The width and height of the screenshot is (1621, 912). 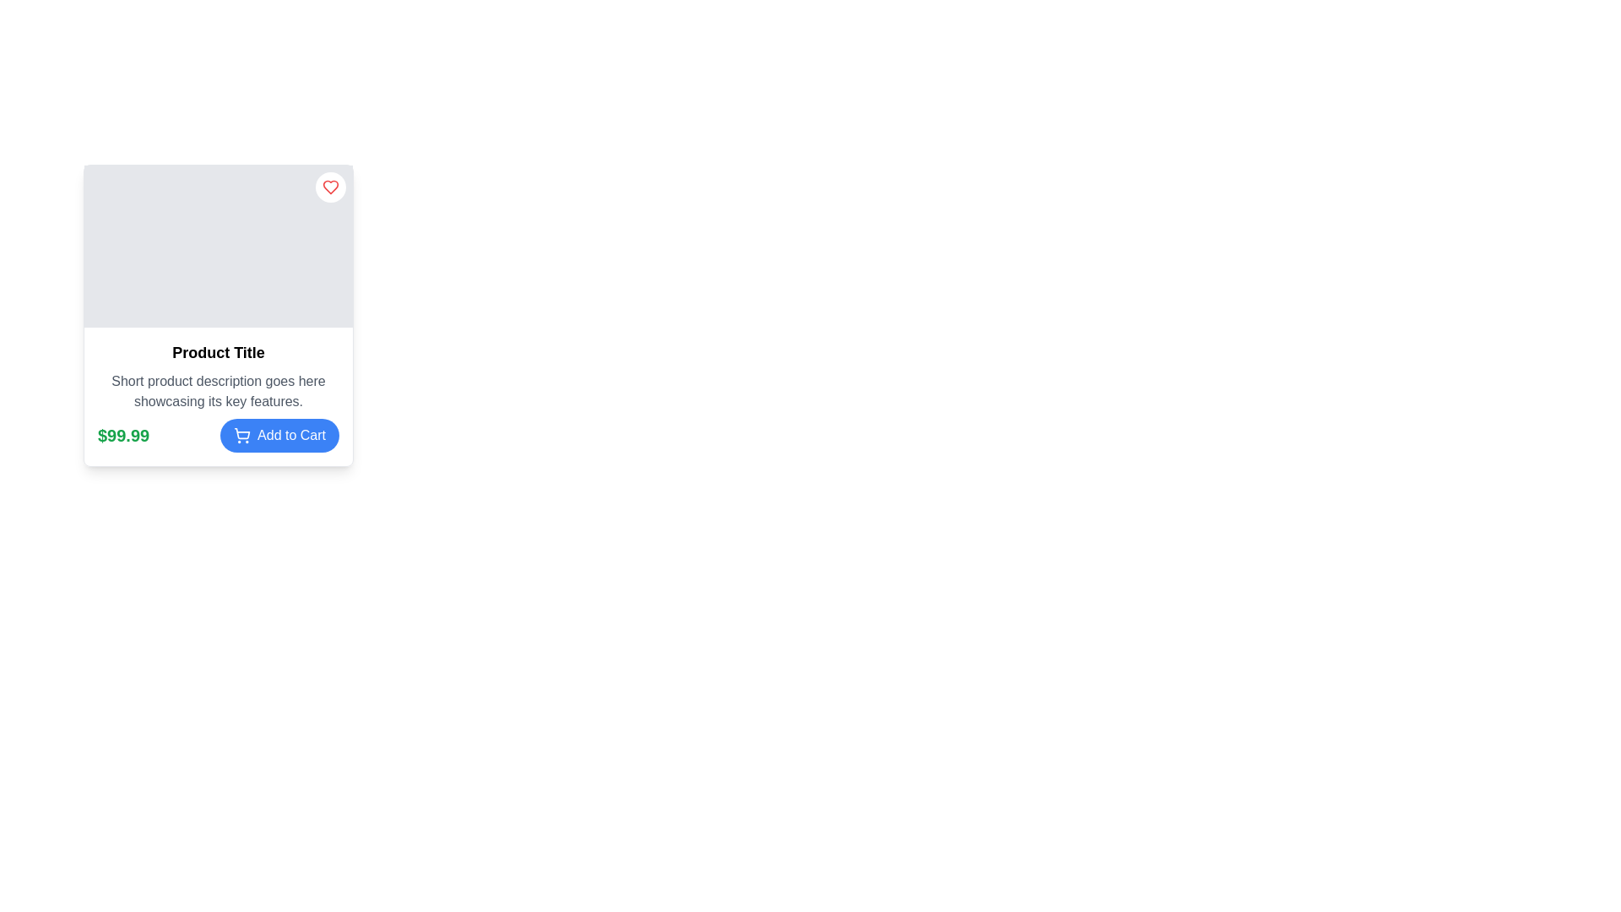 I want to click on text displayed in the price label located on the left side of the product details, beneath the product description and aligned with the 'Add to Cart' button, so click(x=122, y=435).